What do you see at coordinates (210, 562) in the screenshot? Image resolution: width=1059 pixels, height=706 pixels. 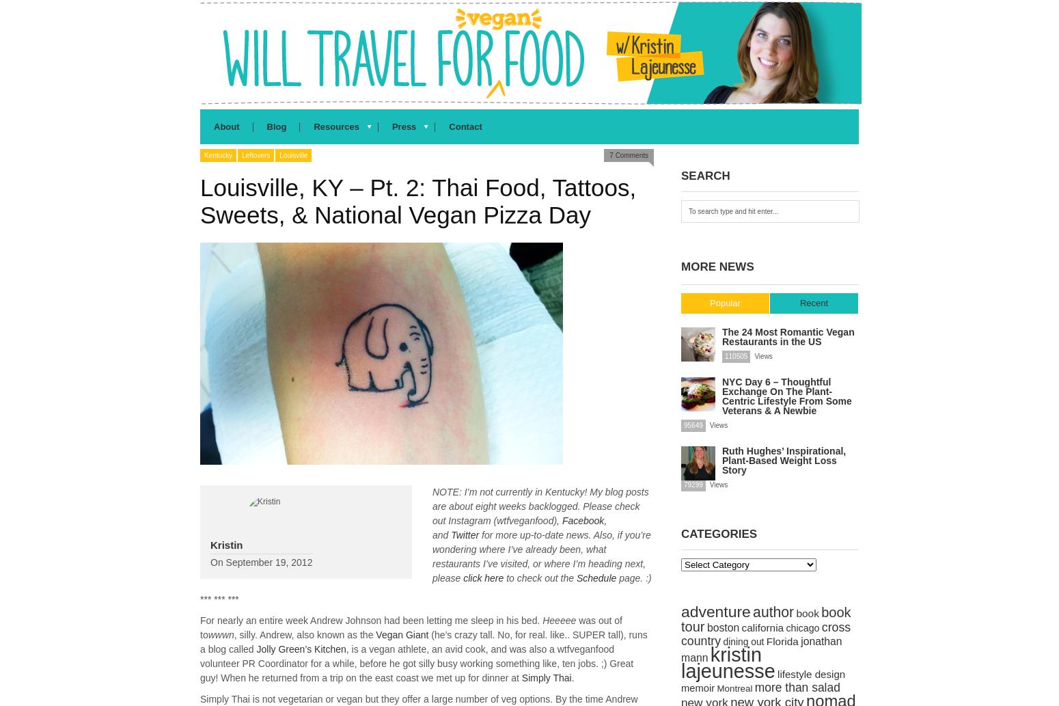 I see `'On'` at bounding box center [210, 562].